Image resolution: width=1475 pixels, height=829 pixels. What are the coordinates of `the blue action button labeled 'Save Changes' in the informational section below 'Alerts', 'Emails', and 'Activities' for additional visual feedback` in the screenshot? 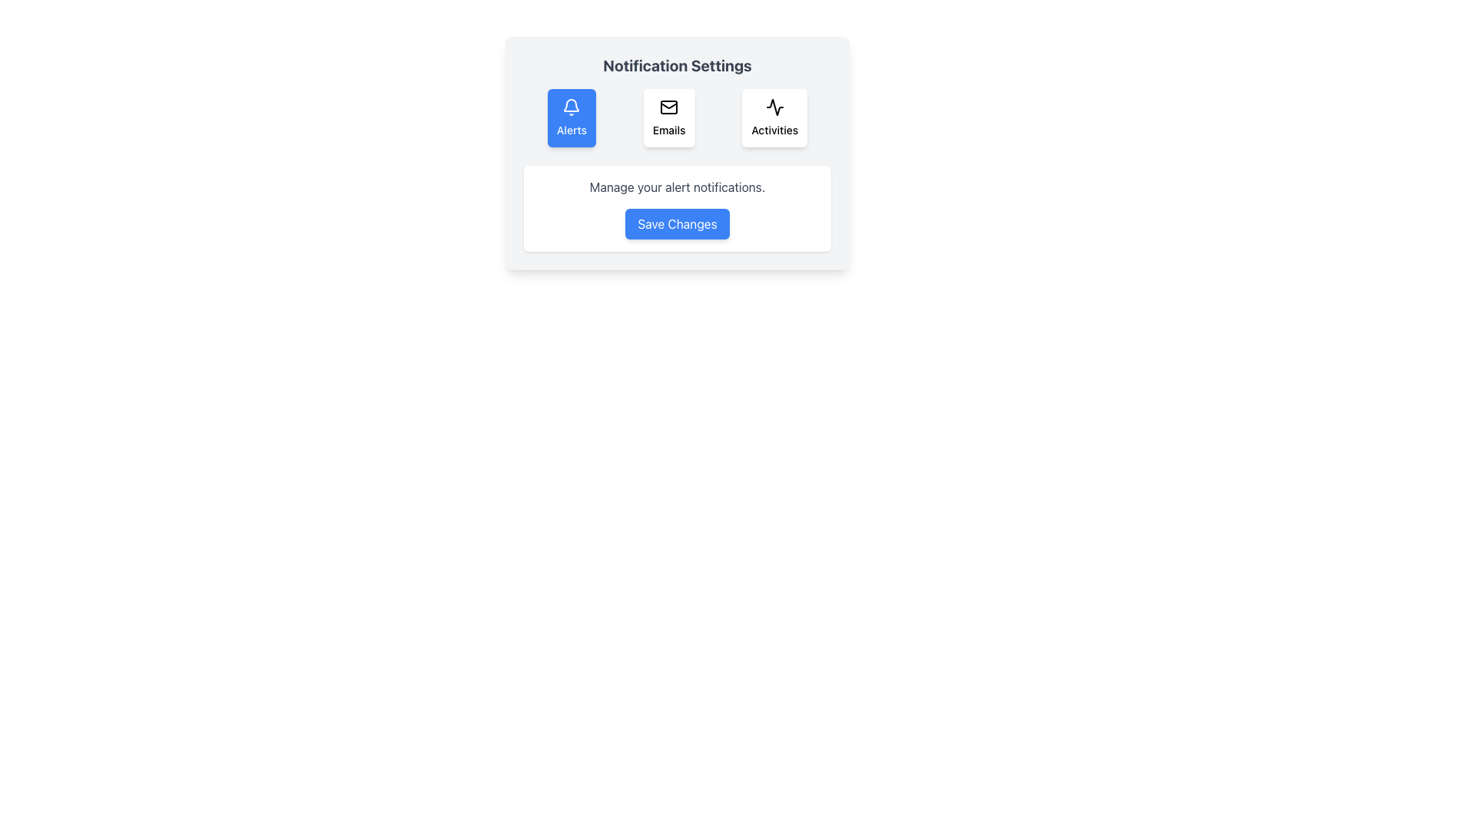 It's located at (677, 209).